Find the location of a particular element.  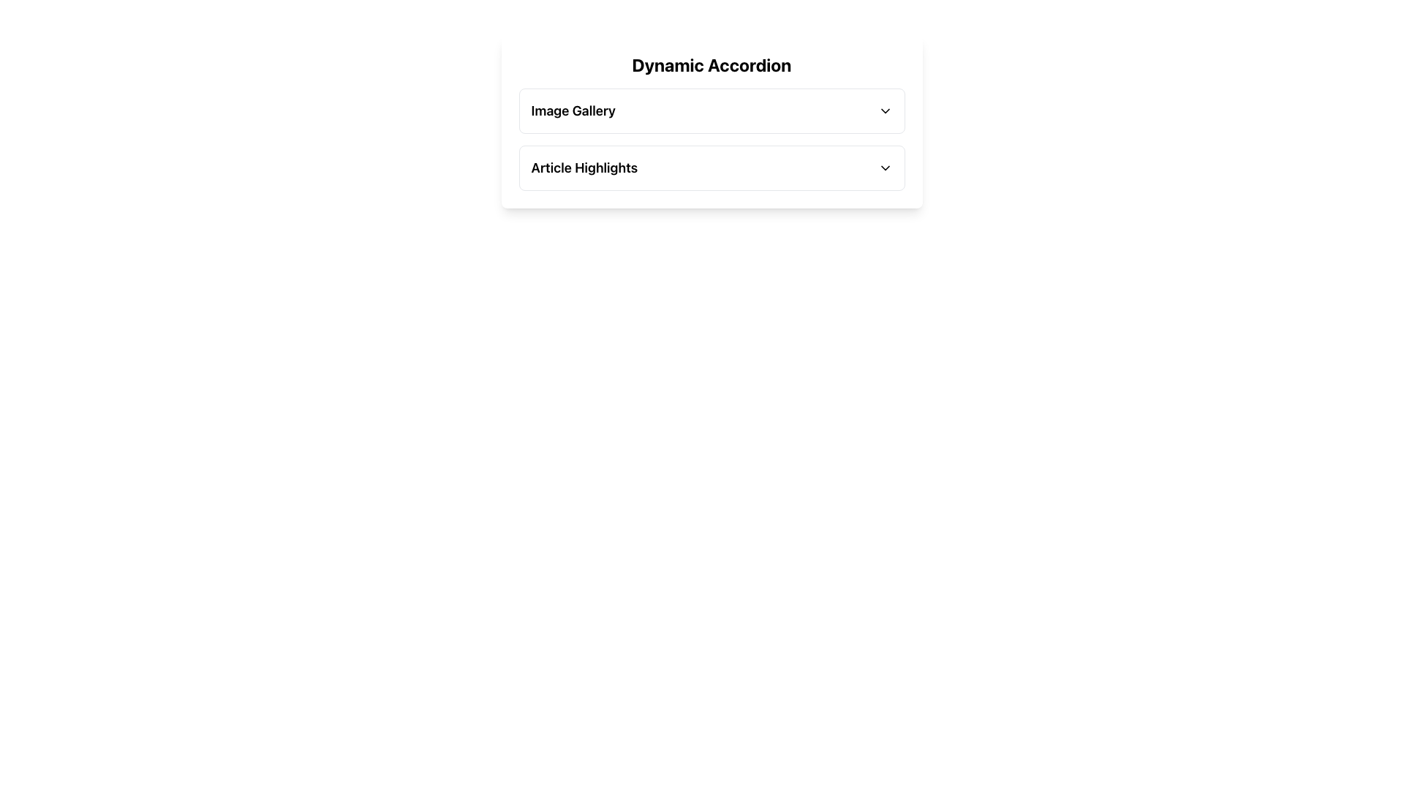

the Text Label that serves as a title or header for the card content, located at the top section of the white card above 'Image Gallery' and 'Article Highlights' is located at coordinates (712, 64).